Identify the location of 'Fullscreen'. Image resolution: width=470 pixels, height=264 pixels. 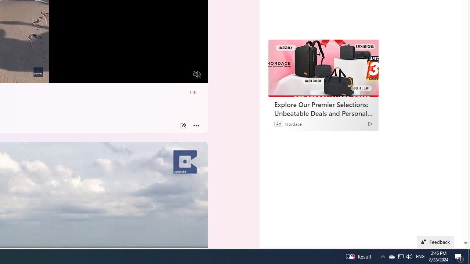
(182, 74).